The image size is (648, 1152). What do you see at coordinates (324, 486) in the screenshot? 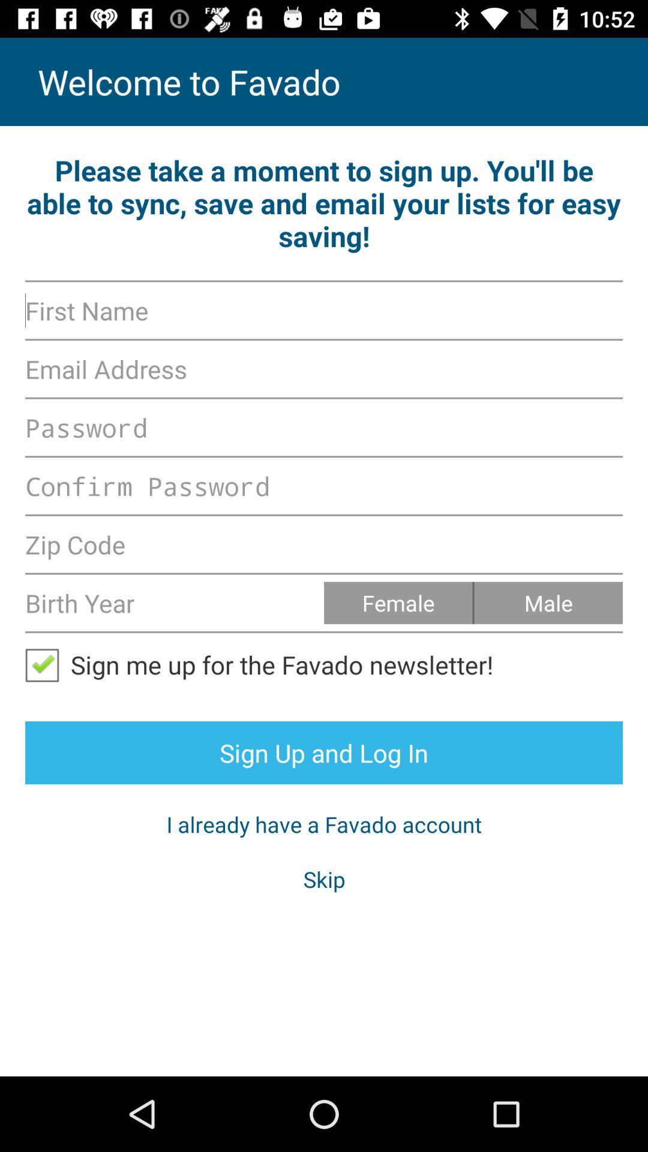
I see `password` at bounding box center [324, 486].